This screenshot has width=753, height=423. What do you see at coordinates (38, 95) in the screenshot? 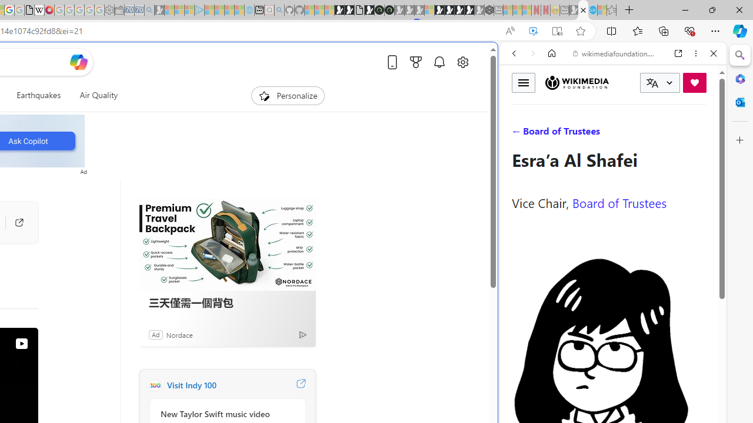
I see `'Earthquakes'` at bounding box center [38, 95].